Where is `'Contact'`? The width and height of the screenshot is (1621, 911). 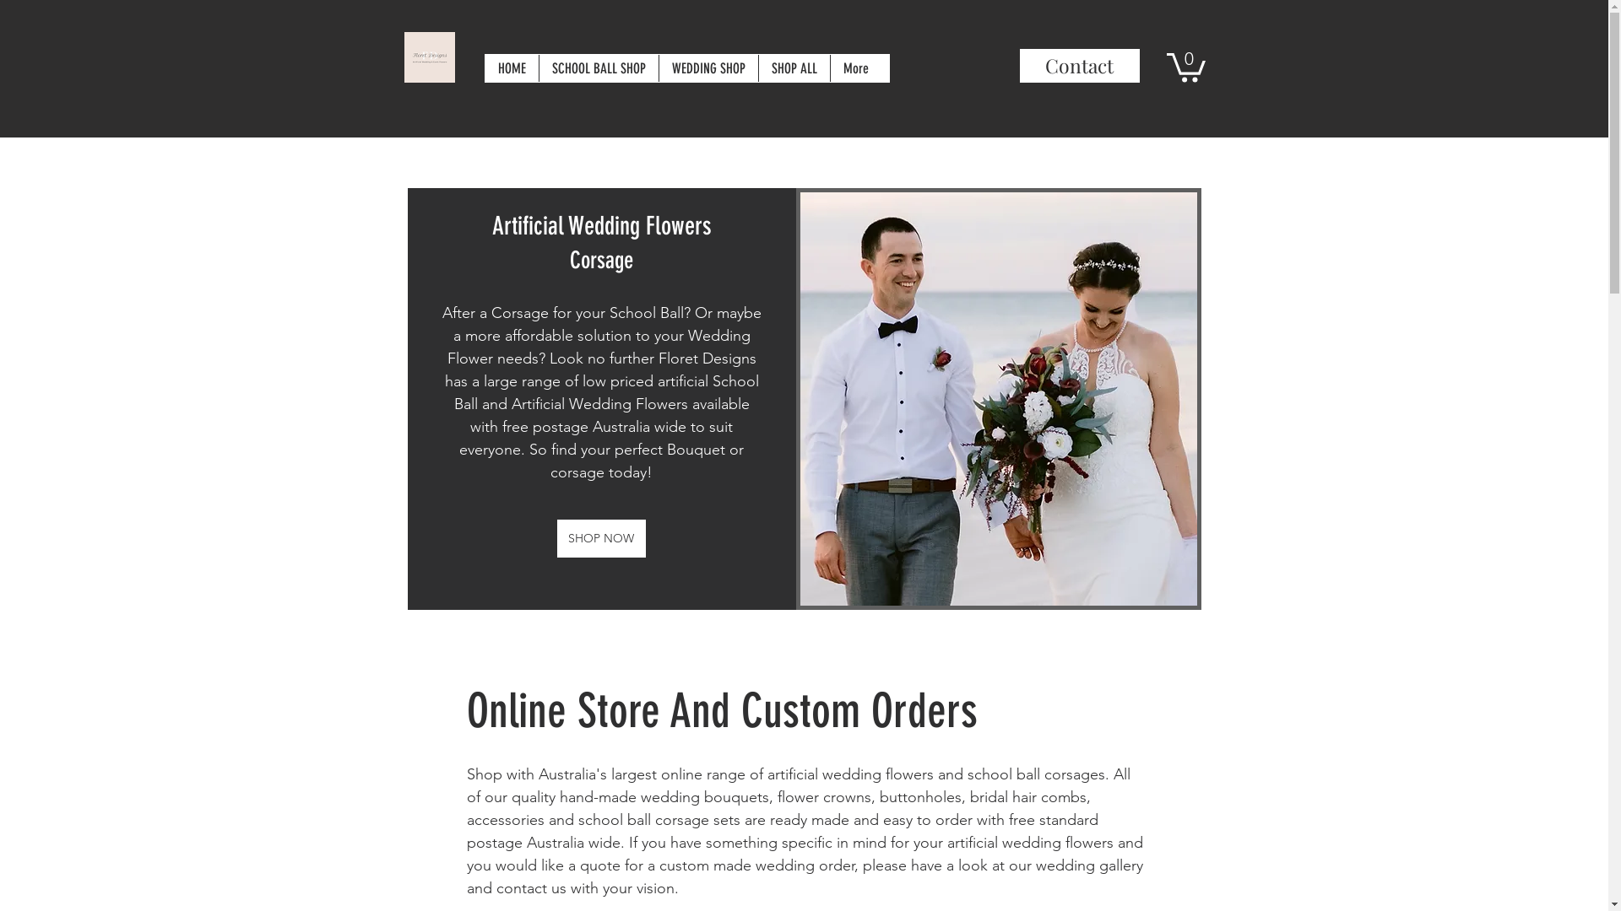 'Contact' is located at coordinates (1078, 64).